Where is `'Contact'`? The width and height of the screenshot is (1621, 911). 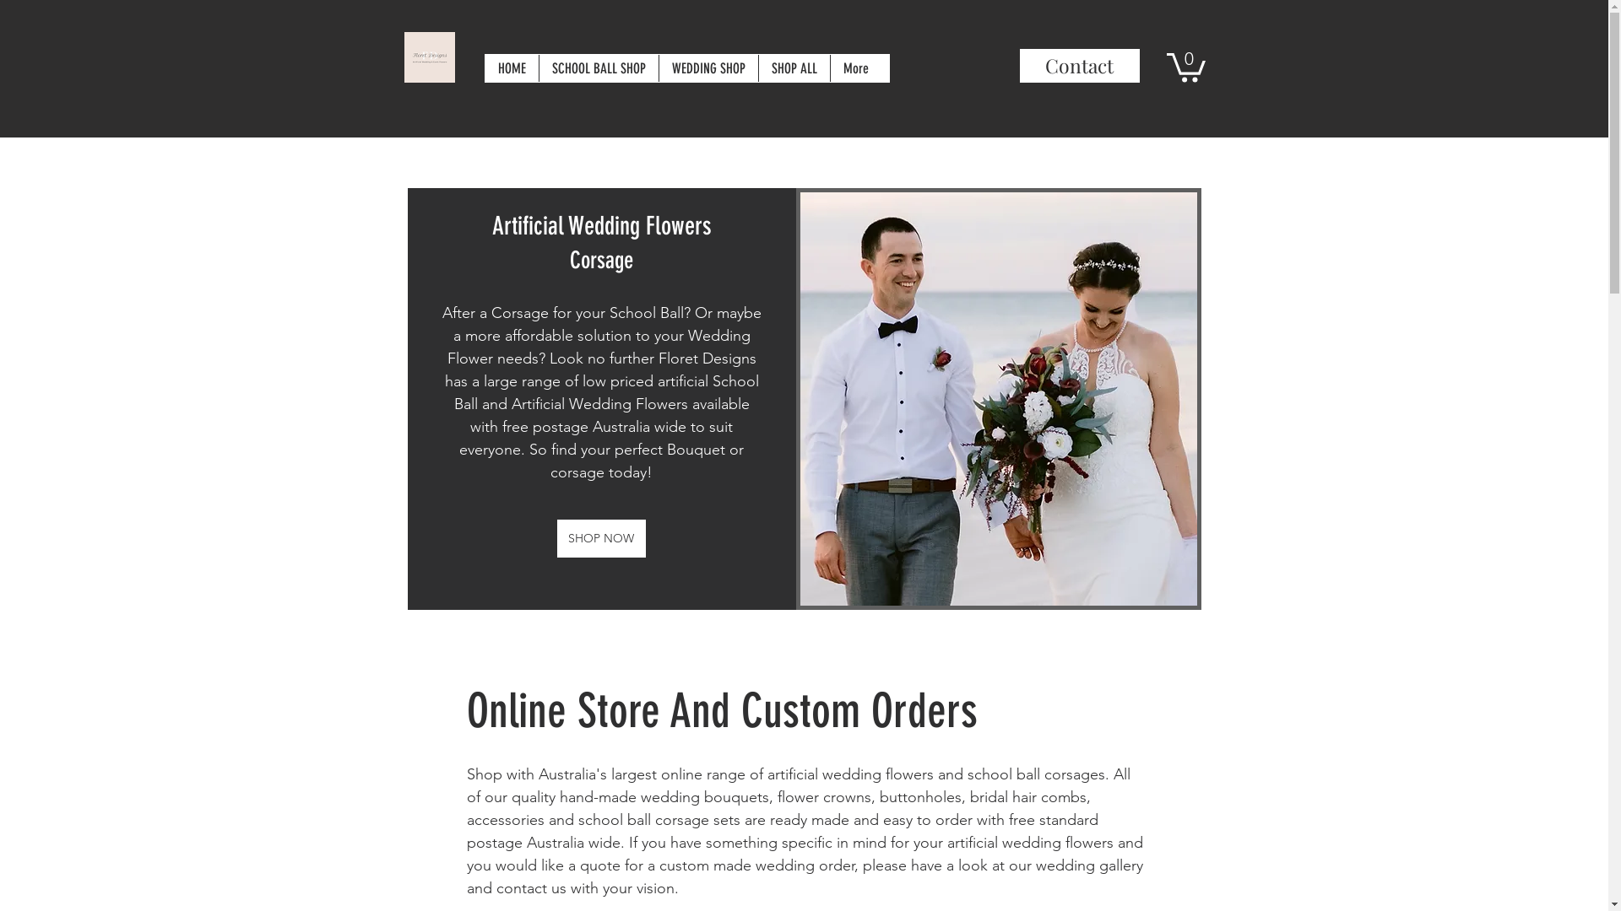 'Contact' is located at coordinates (1078, 64).